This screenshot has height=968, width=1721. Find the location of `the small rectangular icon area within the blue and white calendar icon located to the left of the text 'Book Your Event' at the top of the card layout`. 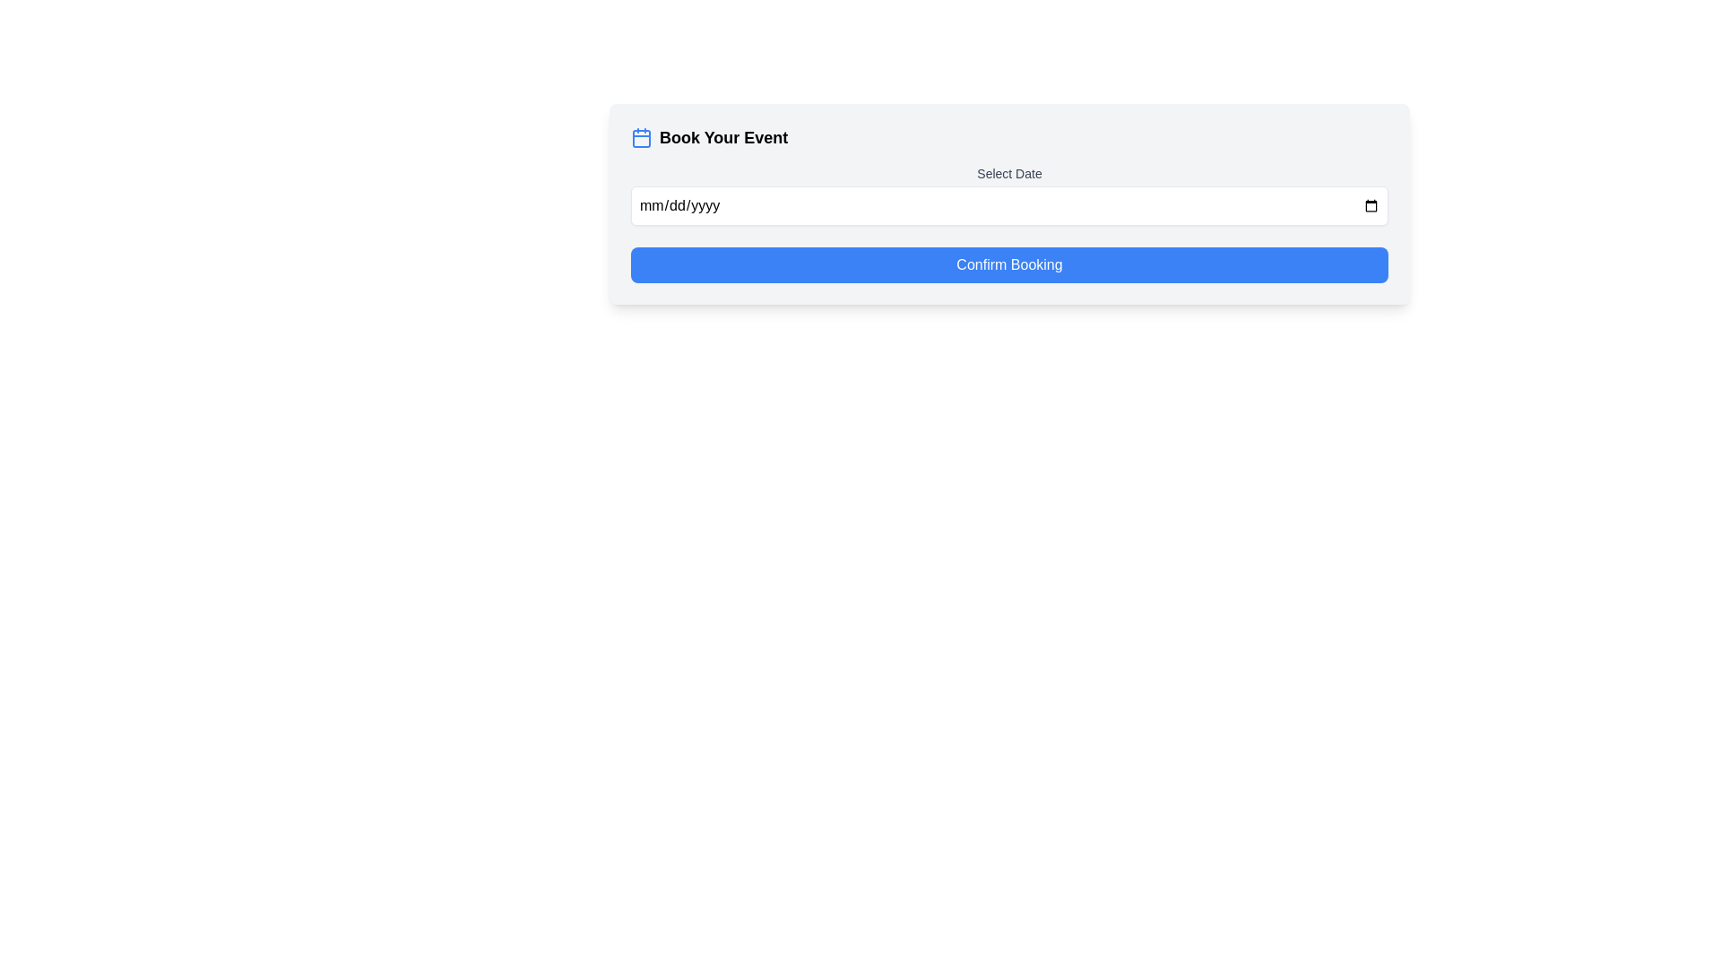

the small rectangular icon area within the blue and white calendar icon located to the left of the text 'Book Your Event' at the top of the card layout is located at coordinates (641, 137).